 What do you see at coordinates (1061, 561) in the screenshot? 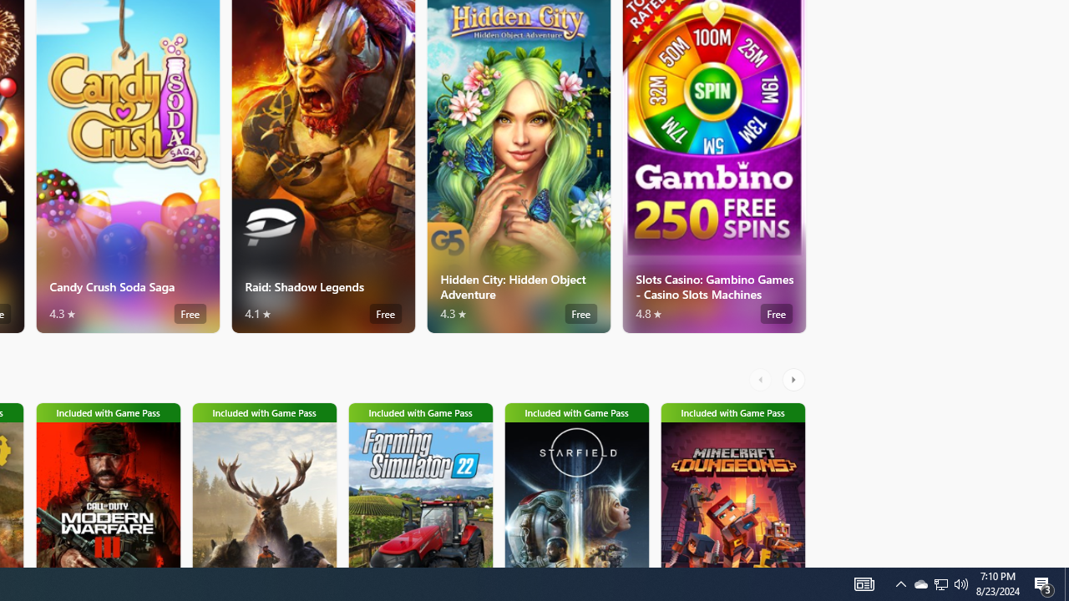
I see `'Vertical Small Increase'` at bounding box center [1061, 561].